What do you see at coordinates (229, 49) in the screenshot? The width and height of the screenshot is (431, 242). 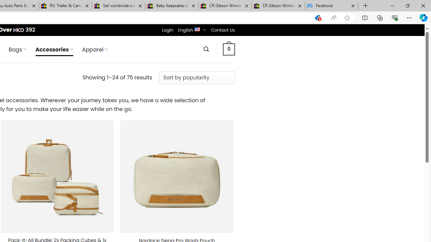 I see `'  0  '` at bounding box center [229, 49].